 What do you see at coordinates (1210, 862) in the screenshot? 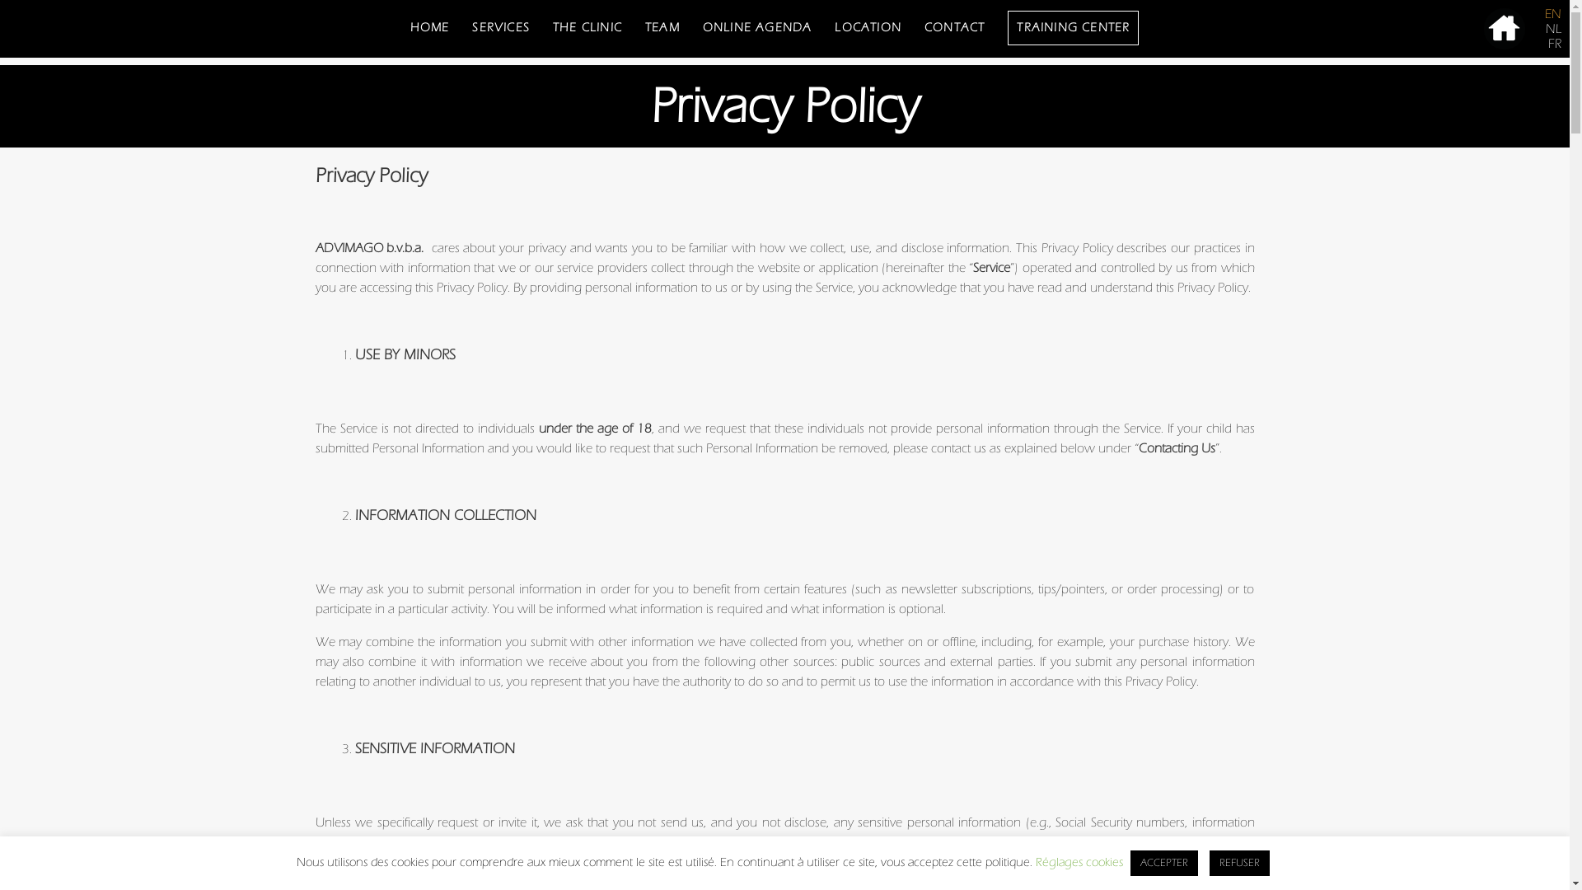
I see `'REFUSER'` at bounding box center [1210, 862].